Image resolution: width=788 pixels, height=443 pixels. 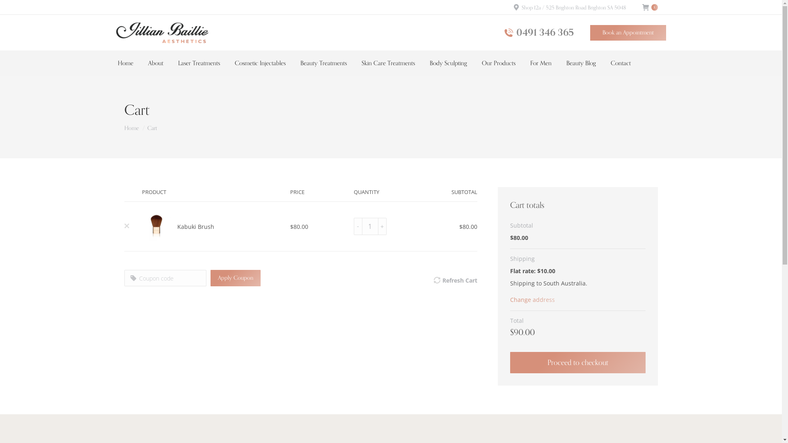 What do you see at coordinates (177, 226) in the screenshot?
I see `'Kabuki Brush'` at bounding box center [177, 226].